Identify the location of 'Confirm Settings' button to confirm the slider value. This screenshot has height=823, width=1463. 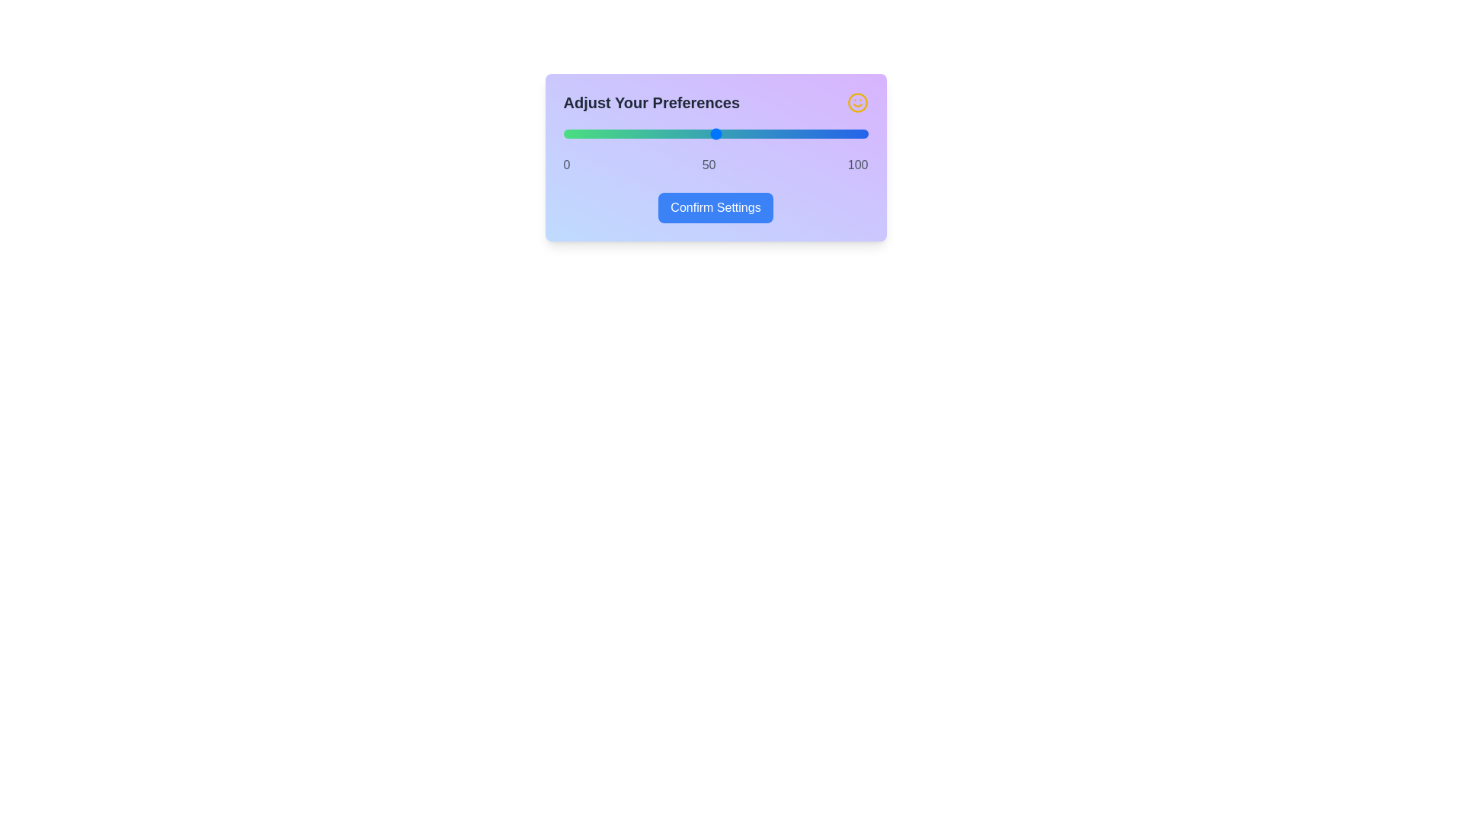
(715, 208).